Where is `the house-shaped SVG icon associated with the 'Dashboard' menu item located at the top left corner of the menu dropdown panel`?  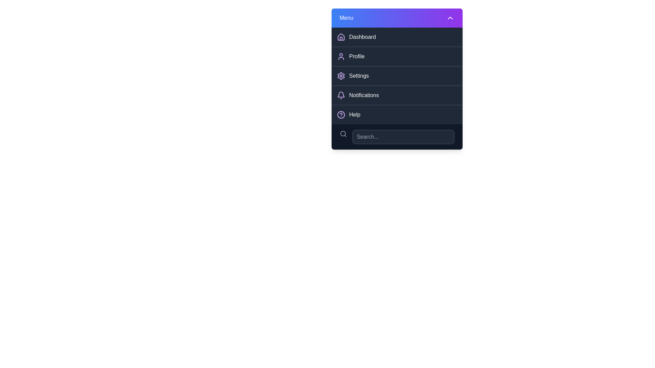
the house-shaped SVG icon associated with the 'Dashboard' menu item located at the top left corner of the menu dropdown panel is located at coordinates (341, 37).